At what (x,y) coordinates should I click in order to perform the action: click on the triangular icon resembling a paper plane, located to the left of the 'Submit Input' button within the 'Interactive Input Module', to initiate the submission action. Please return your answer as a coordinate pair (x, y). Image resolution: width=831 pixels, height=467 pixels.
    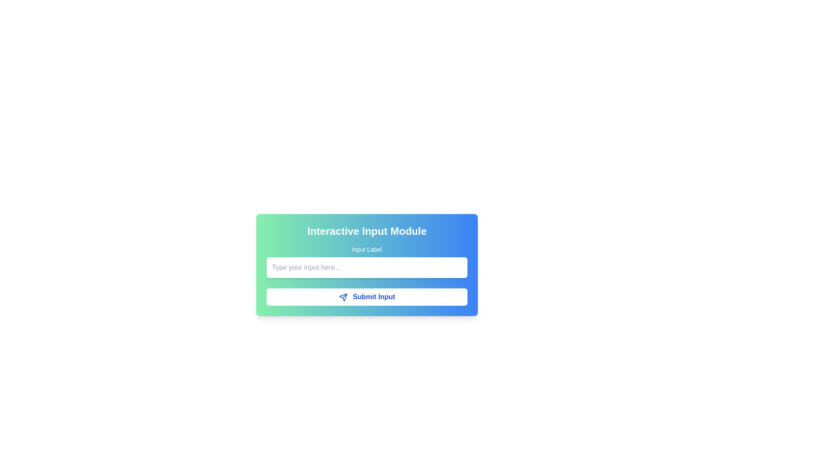
    Looking at the image, I should click on (342, 297).